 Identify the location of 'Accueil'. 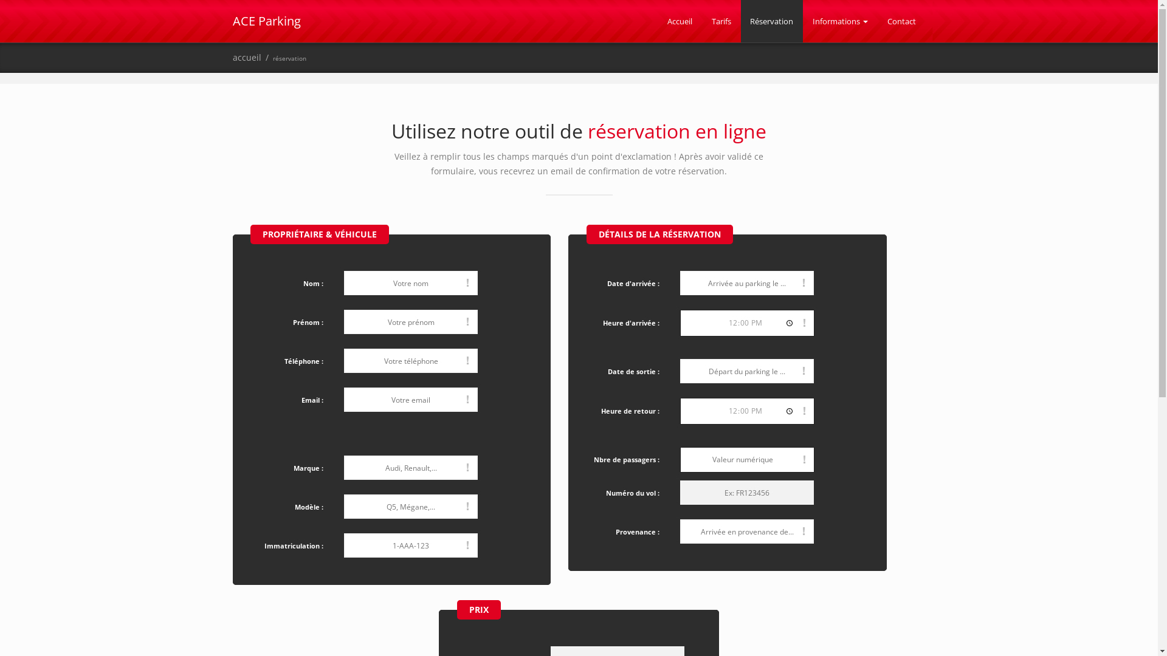
(679, 21).